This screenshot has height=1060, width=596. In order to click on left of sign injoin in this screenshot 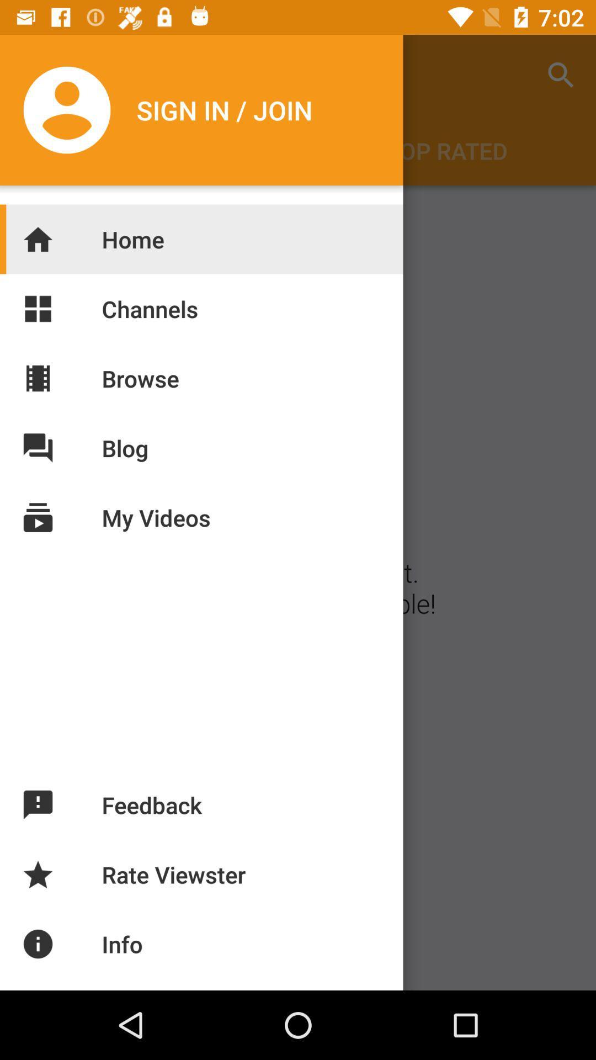, I will do `click(70, 110)`.